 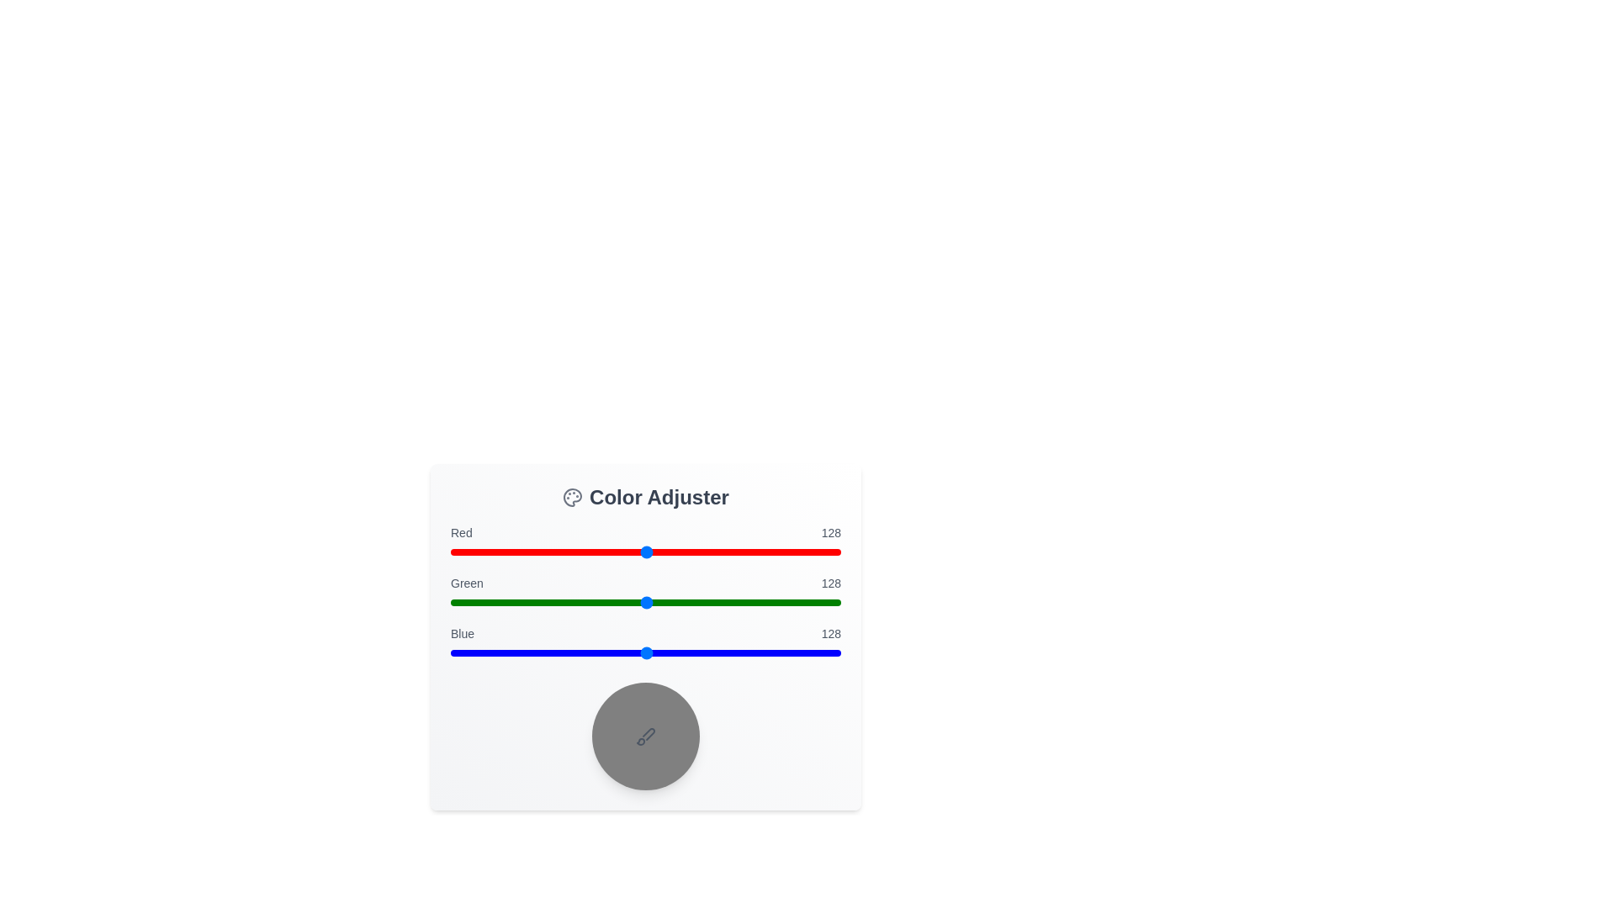 I want to click on the red slider to the value 164, so click(x=702, y=552).